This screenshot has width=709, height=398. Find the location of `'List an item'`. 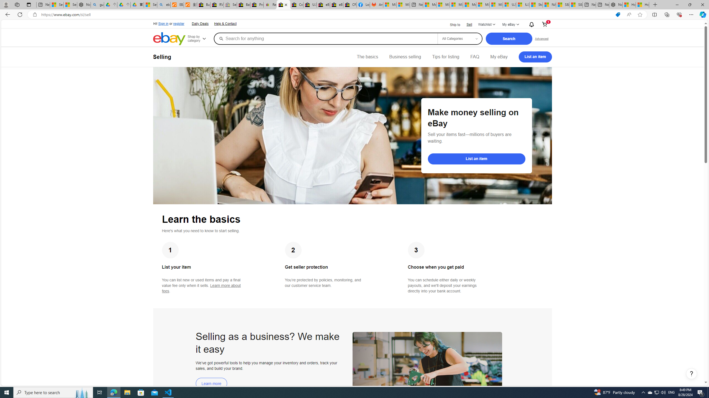

'List an item' is located at coordinates (535, 56).